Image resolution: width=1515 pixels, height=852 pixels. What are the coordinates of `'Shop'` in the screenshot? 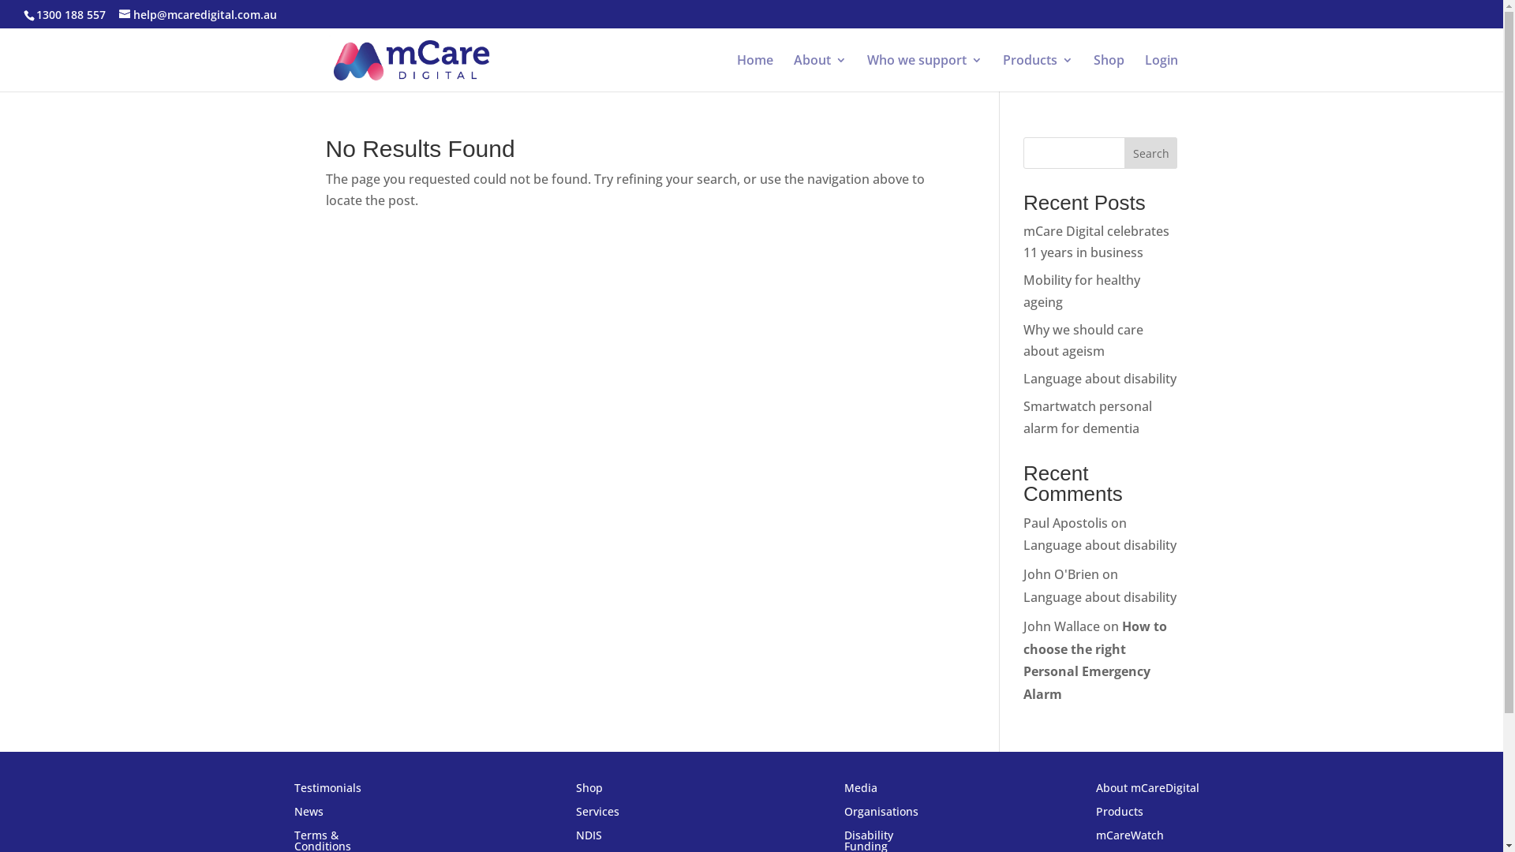 It's located at (1108, 73).